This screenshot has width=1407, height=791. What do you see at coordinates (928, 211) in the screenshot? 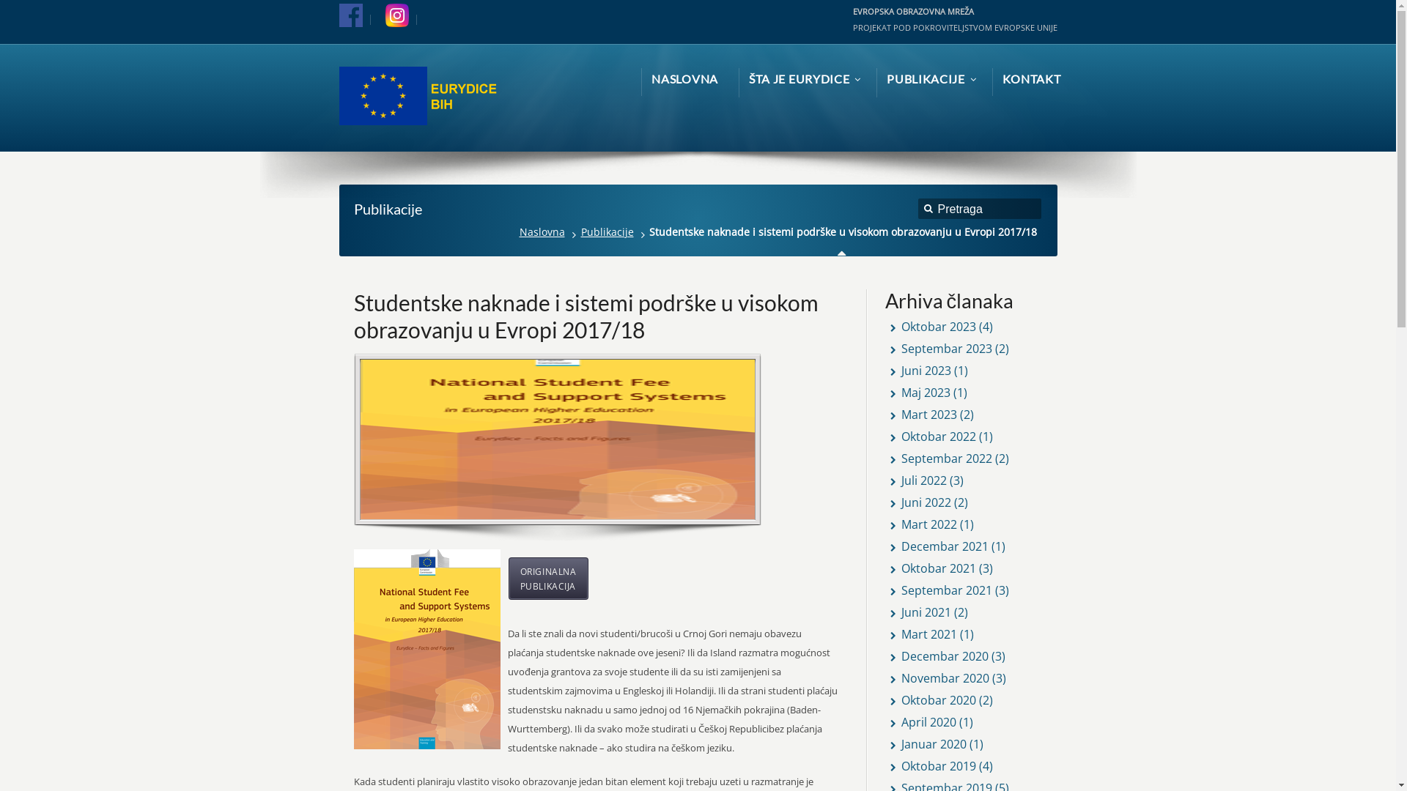
I see `'search'` at bounding box center [928, 211].